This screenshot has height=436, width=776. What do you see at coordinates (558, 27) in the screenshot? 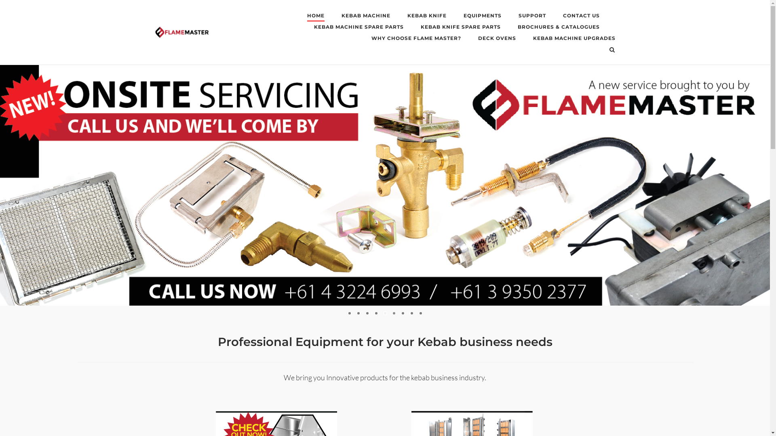
I see `'BROCHURES & CATALOGUES'` at bounding box center [558, 27].